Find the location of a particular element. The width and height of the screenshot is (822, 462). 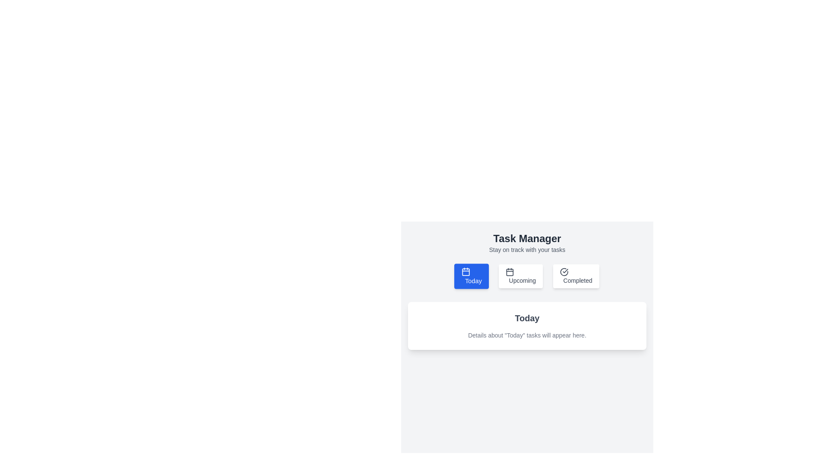

the 'Completed' icon, which is the left-most part of the navigation button indicating task completion is located at coordinates (564, 272).